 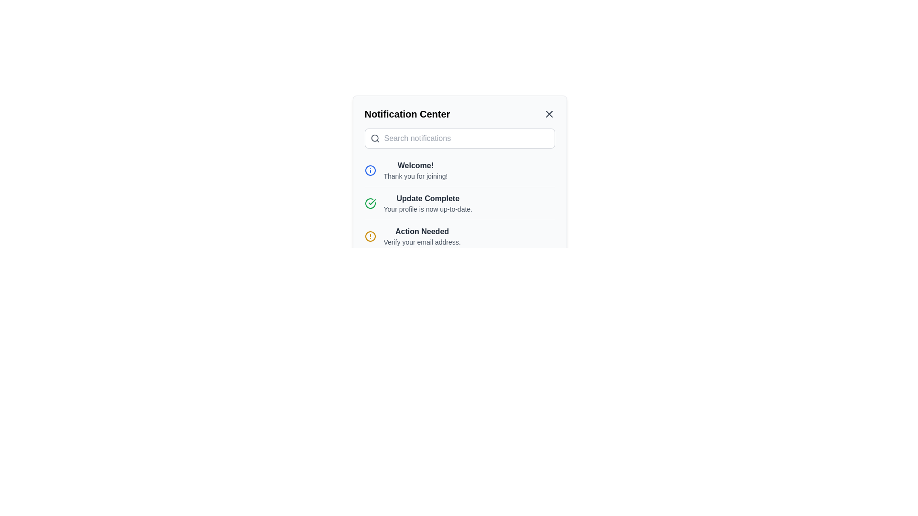 I want to click on the gray magnifying glass icon located to the left within the search bar area of the 'Notification Center' popup interface, so click(x=374, y=138).